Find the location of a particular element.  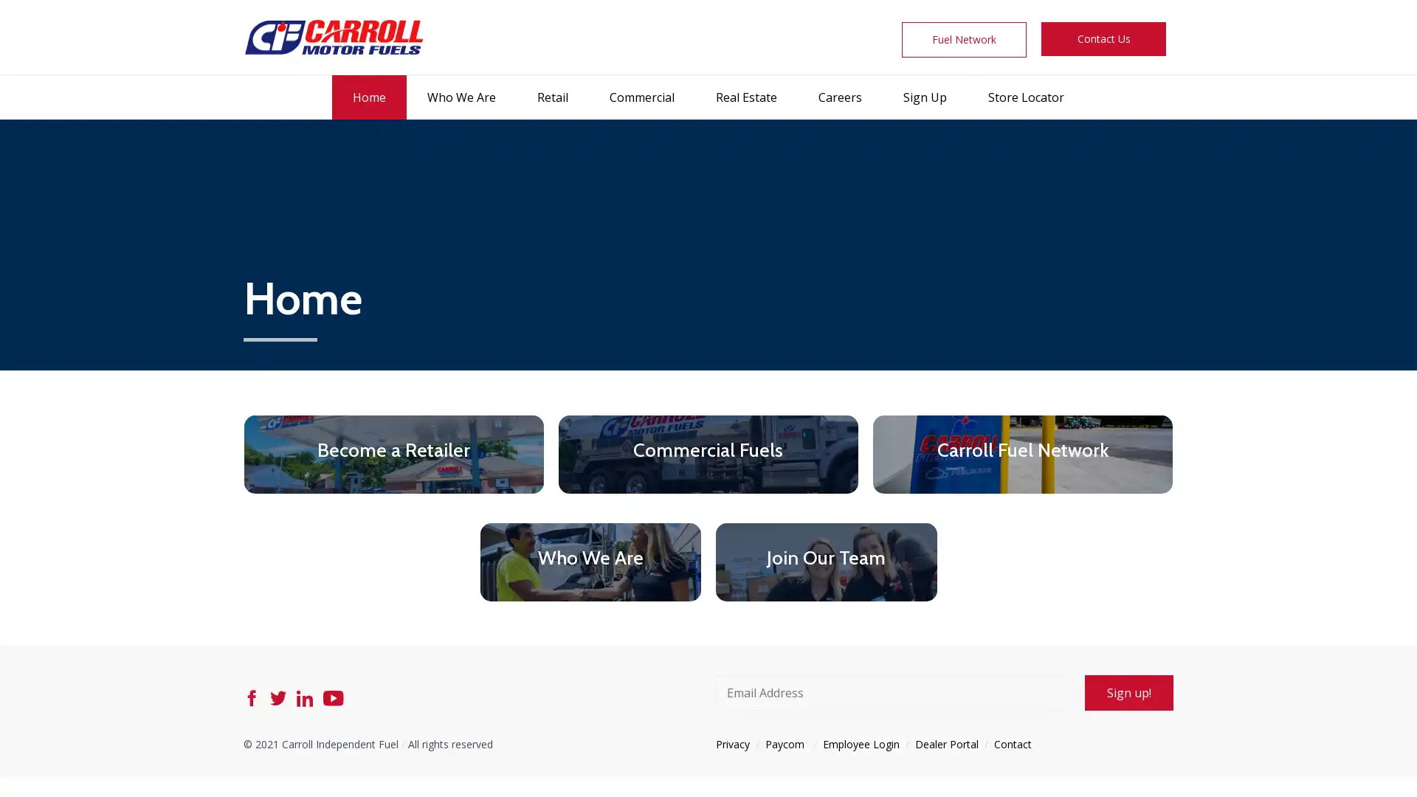

Sign up! is located at coordinates (1128, 691).